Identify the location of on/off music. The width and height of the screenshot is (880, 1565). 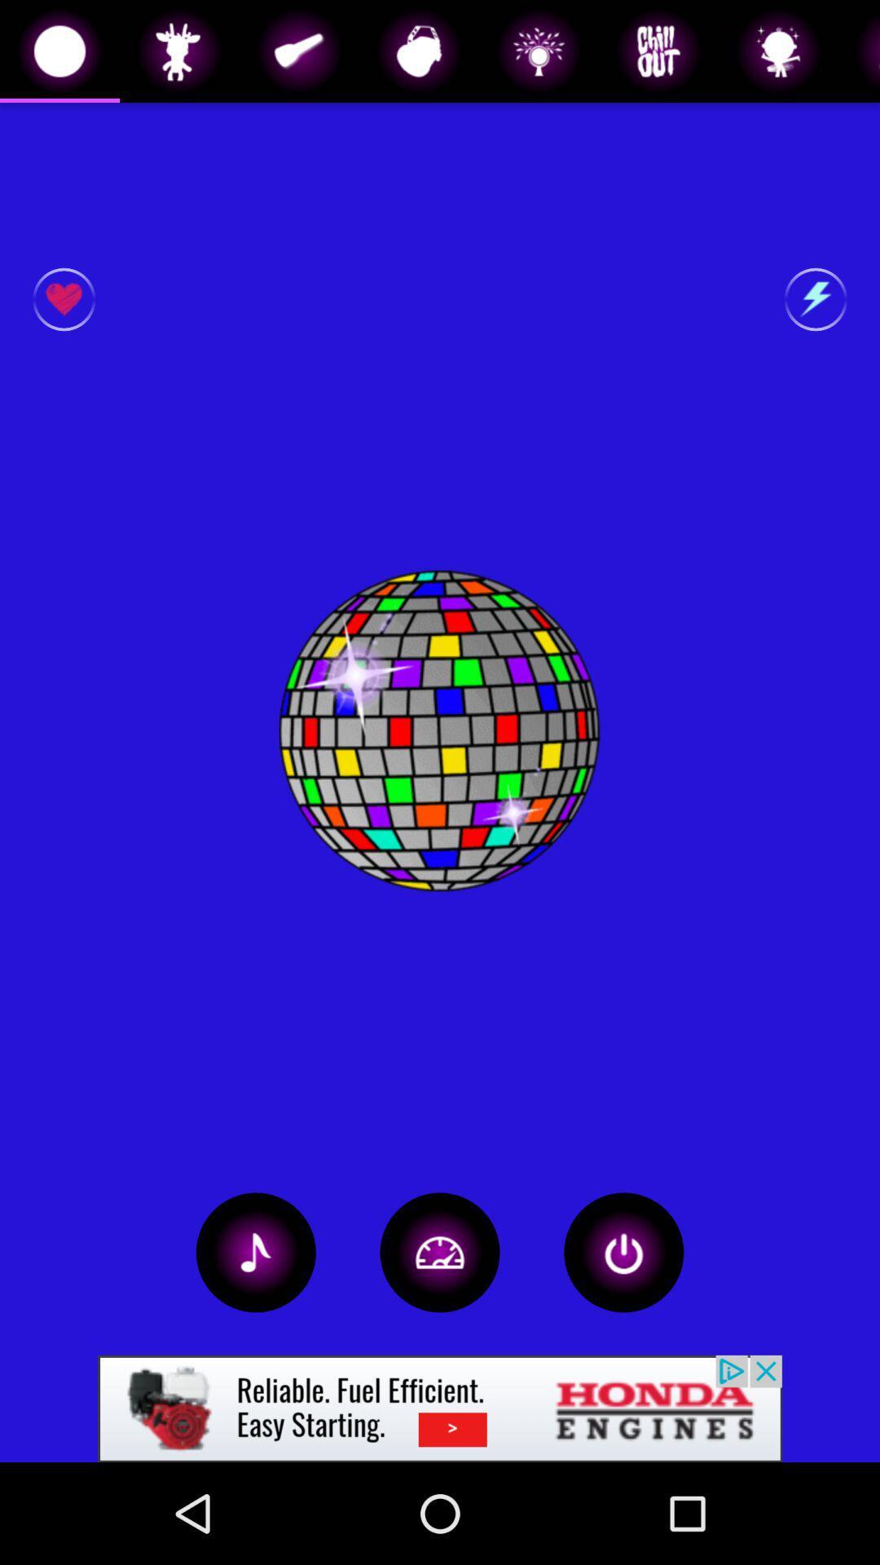
(256, 1251).